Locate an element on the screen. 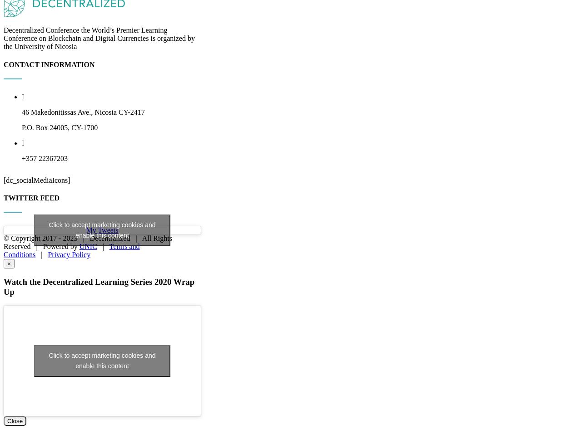 This screenshot has width=567, height=429. 'Click to accept marketing cookies and enable this content' is located at coordinates (102, 321).